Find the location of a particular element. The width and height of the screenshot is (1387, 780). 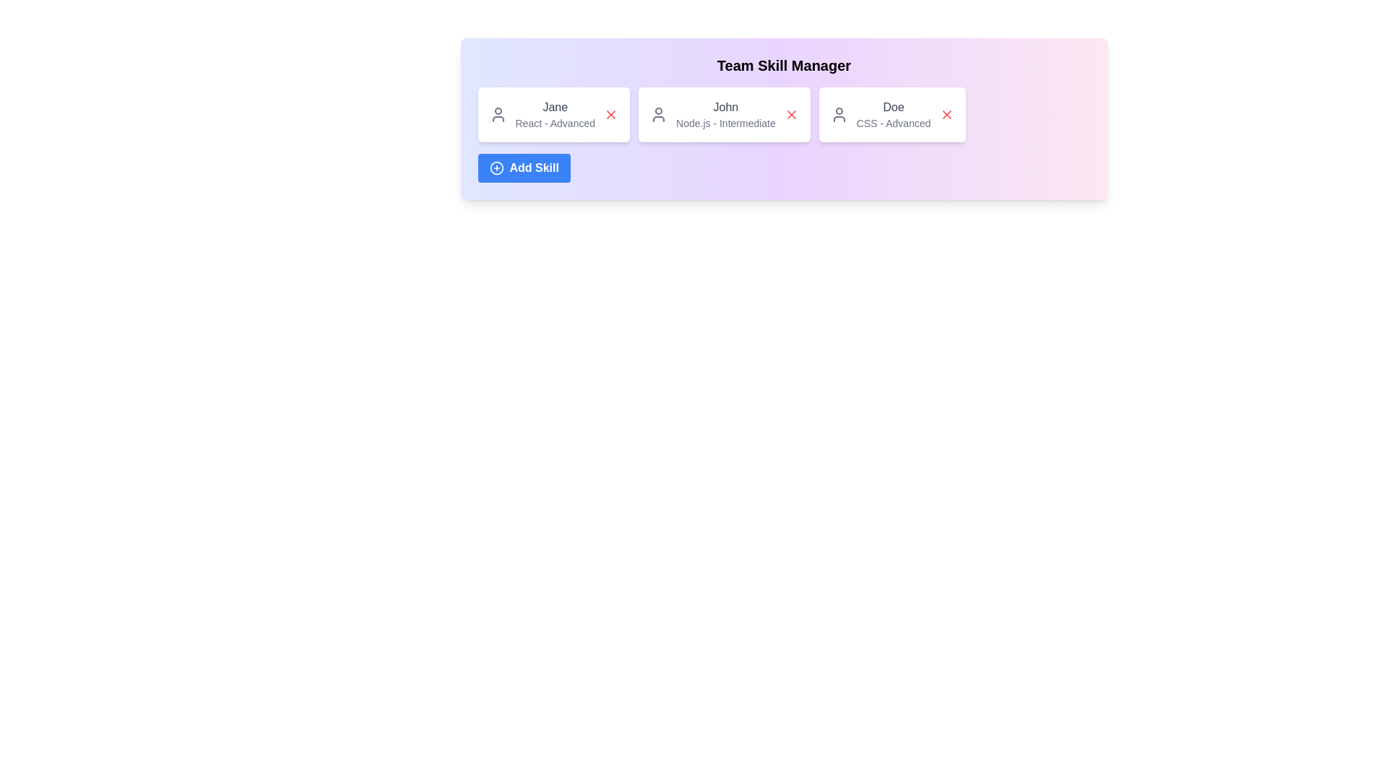

'Remove Skill' button for the skill associated with React - Advanced is located at coordinates (610, 113).